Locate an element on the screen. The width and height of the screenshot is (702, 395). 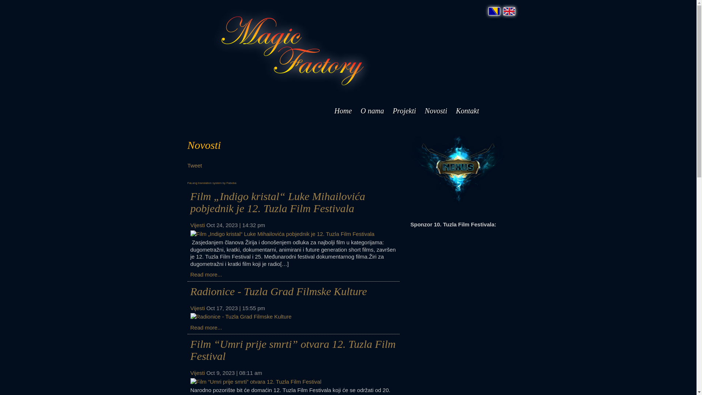
'O nama' is located at coordinates (372, 111).